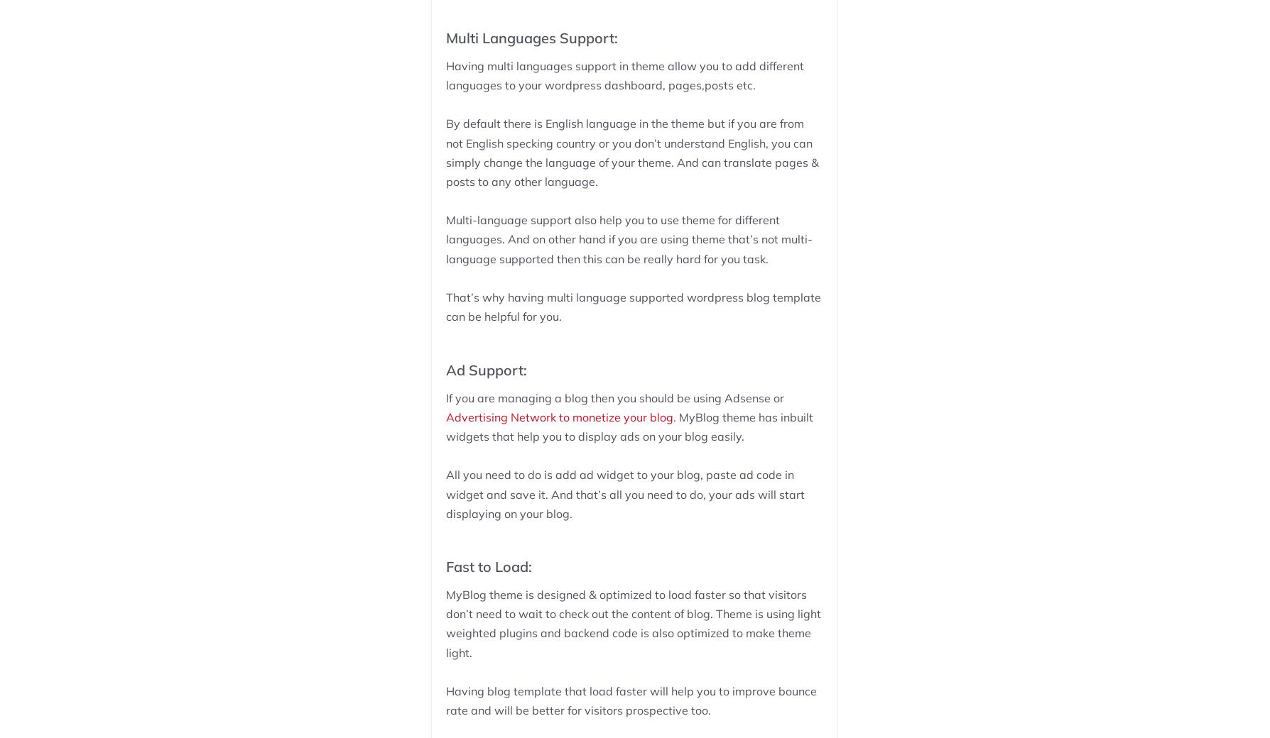 Image resolution: width=1270 pixels, height=738 pixels. Describe the element at coordinates (623, 74) in the screenshot. I see `'Having multi languages support in theme allow you to add different languages to your wordpress dashboard, pages,posts etc.'` at that location.